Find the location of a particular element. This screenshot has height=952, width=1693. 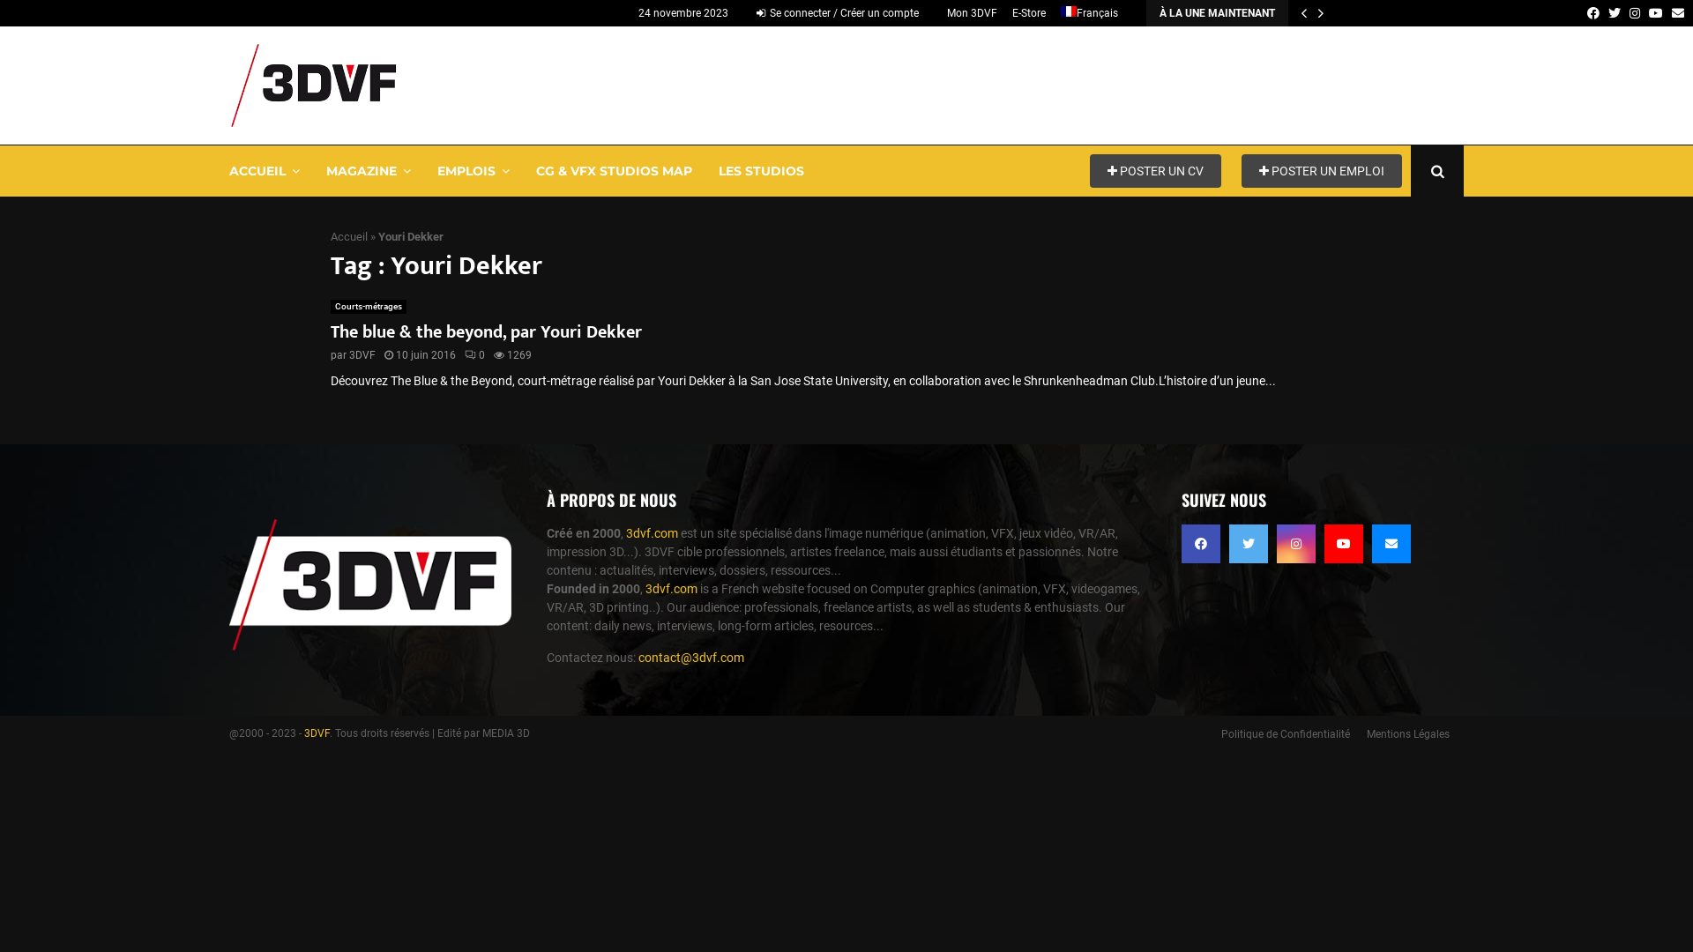

'Email' is located at coordinates (1676, 13).